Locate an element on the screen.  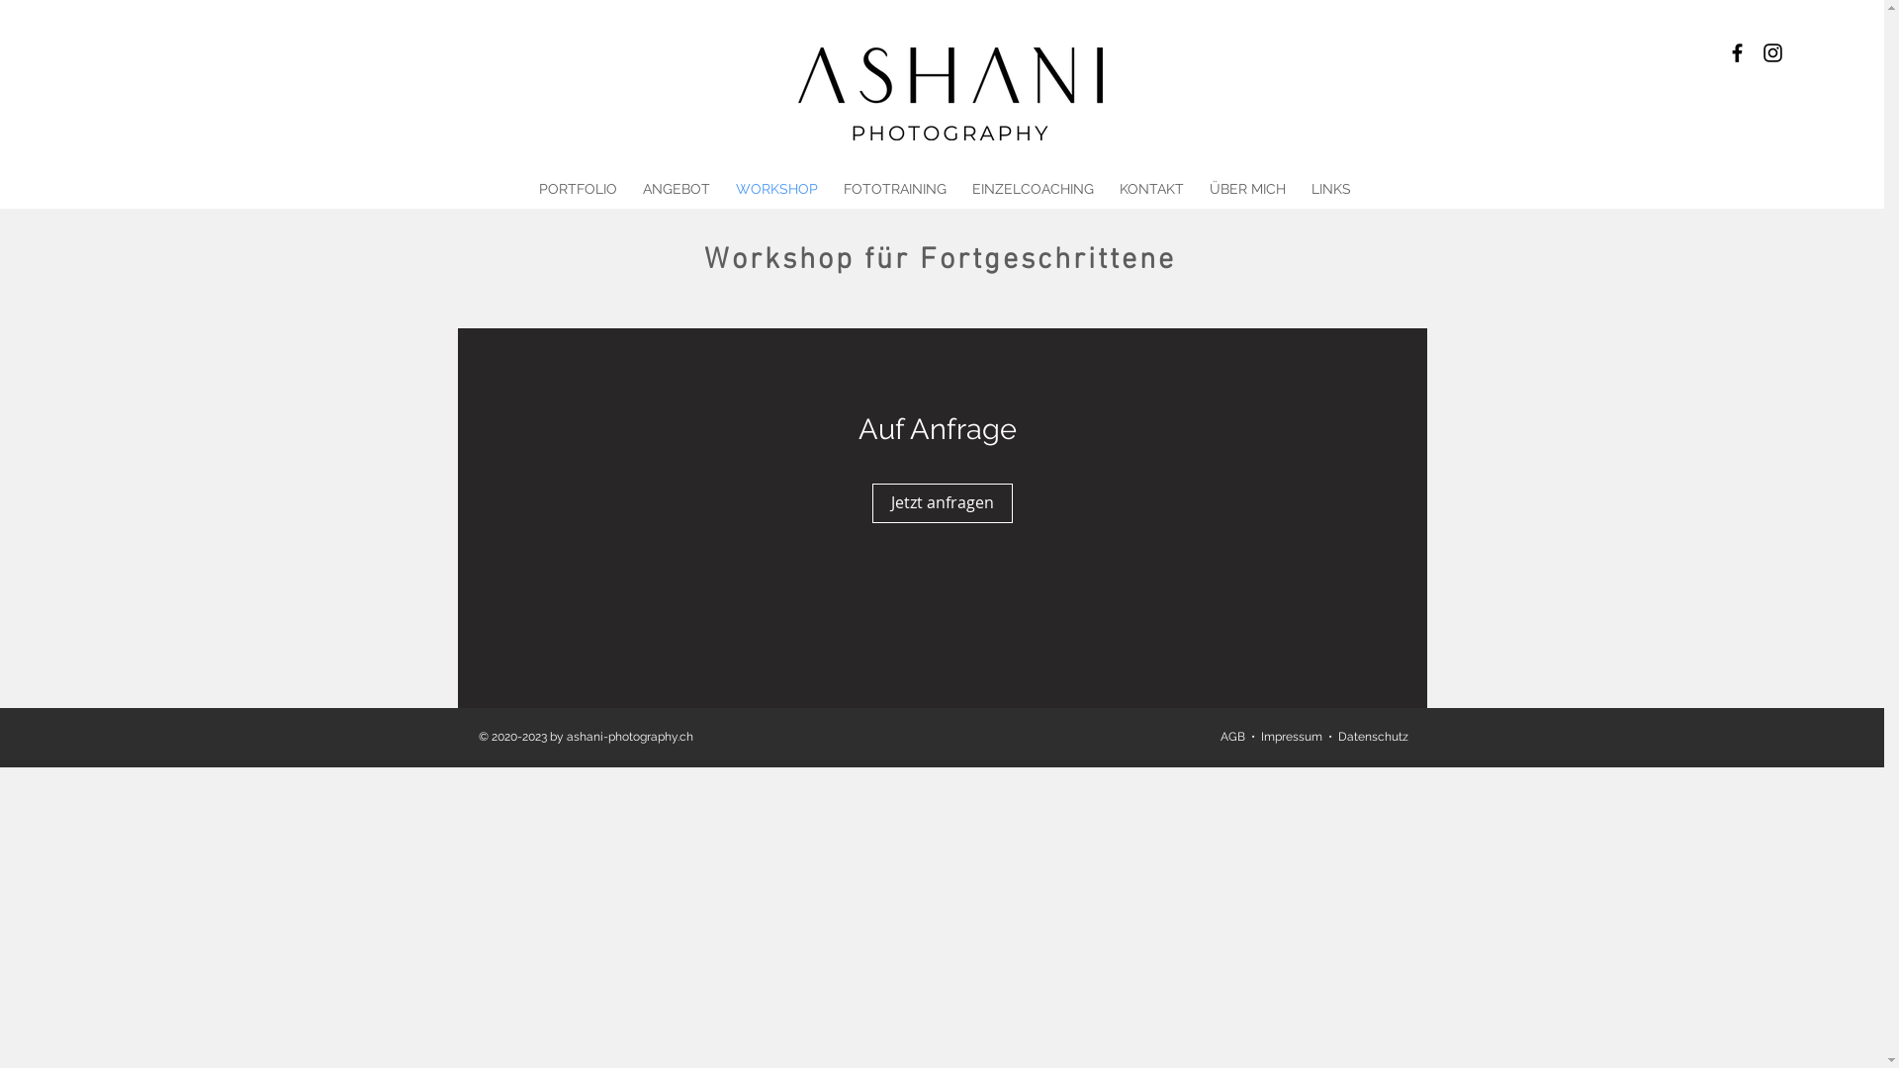
'WORKSHOP' is located at coordinates (774, 189).